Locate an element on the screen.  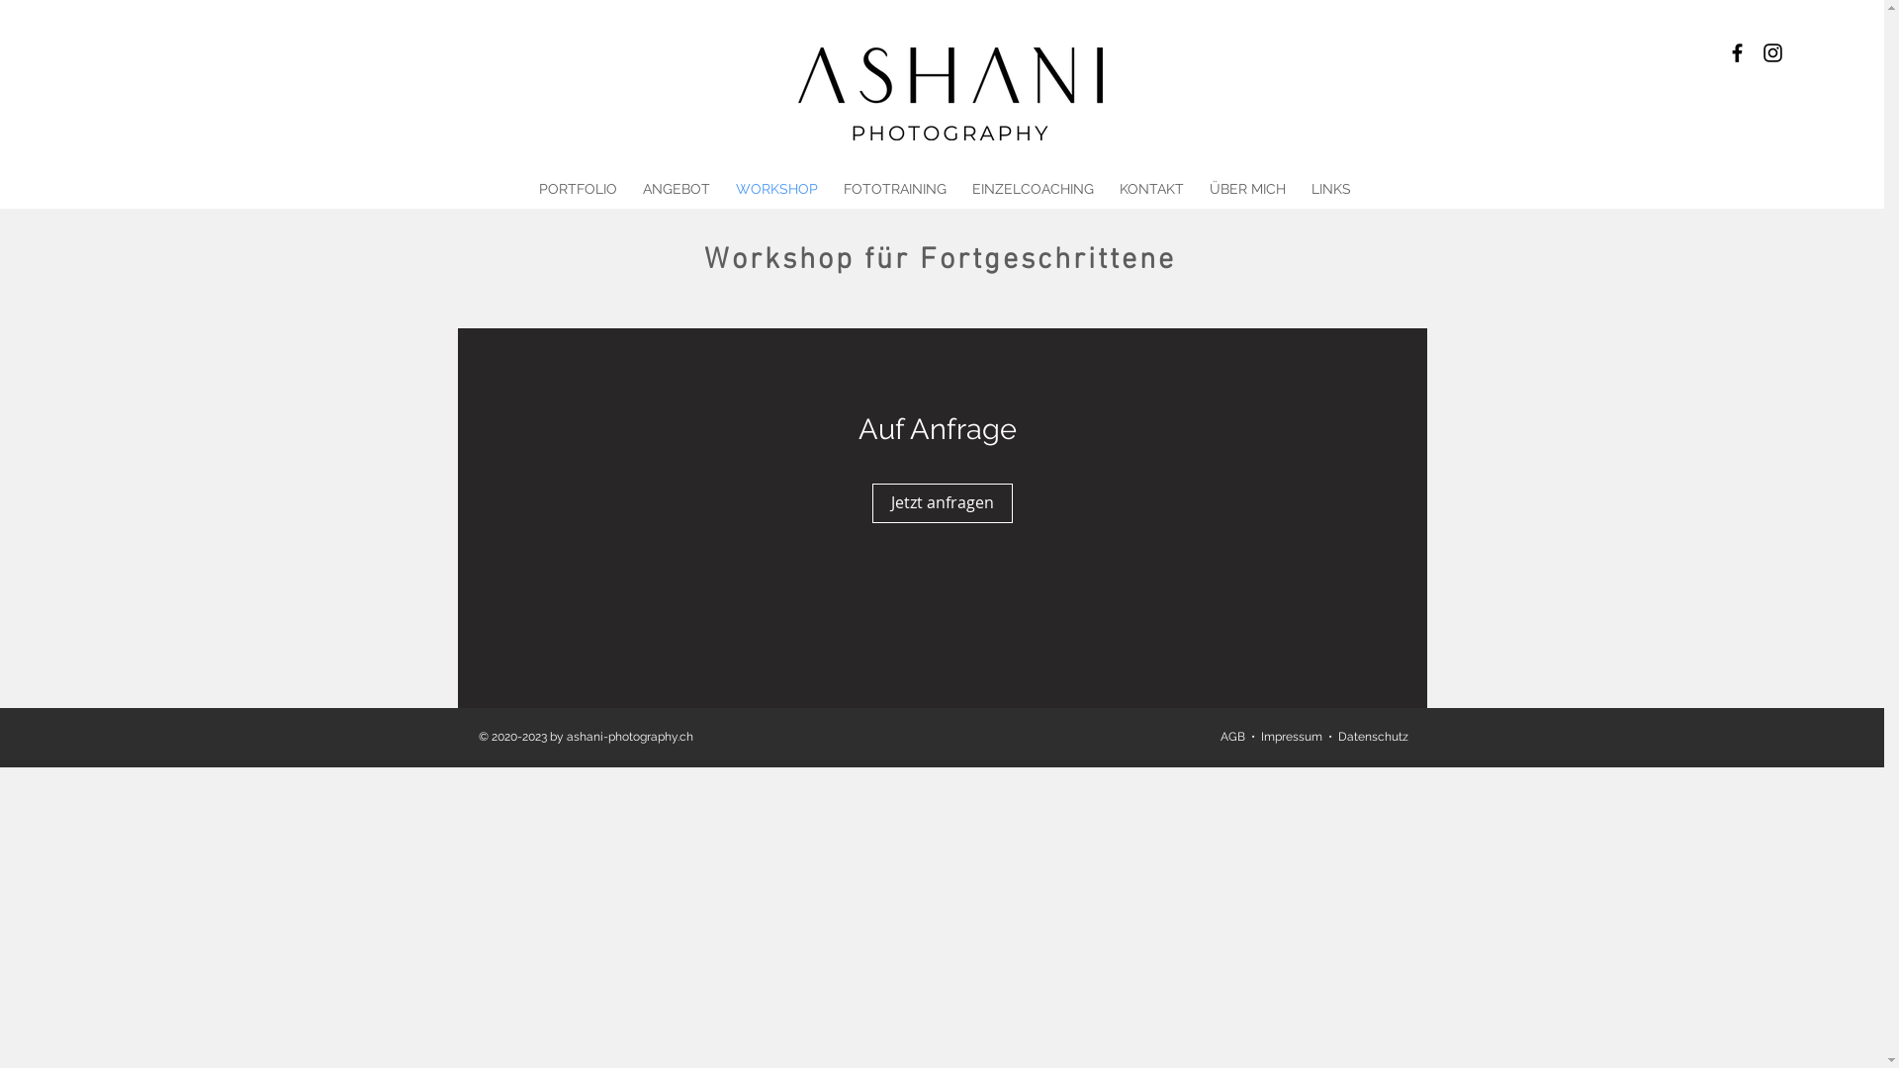
'WORKSHOP' is located at coordinates (774, 189).